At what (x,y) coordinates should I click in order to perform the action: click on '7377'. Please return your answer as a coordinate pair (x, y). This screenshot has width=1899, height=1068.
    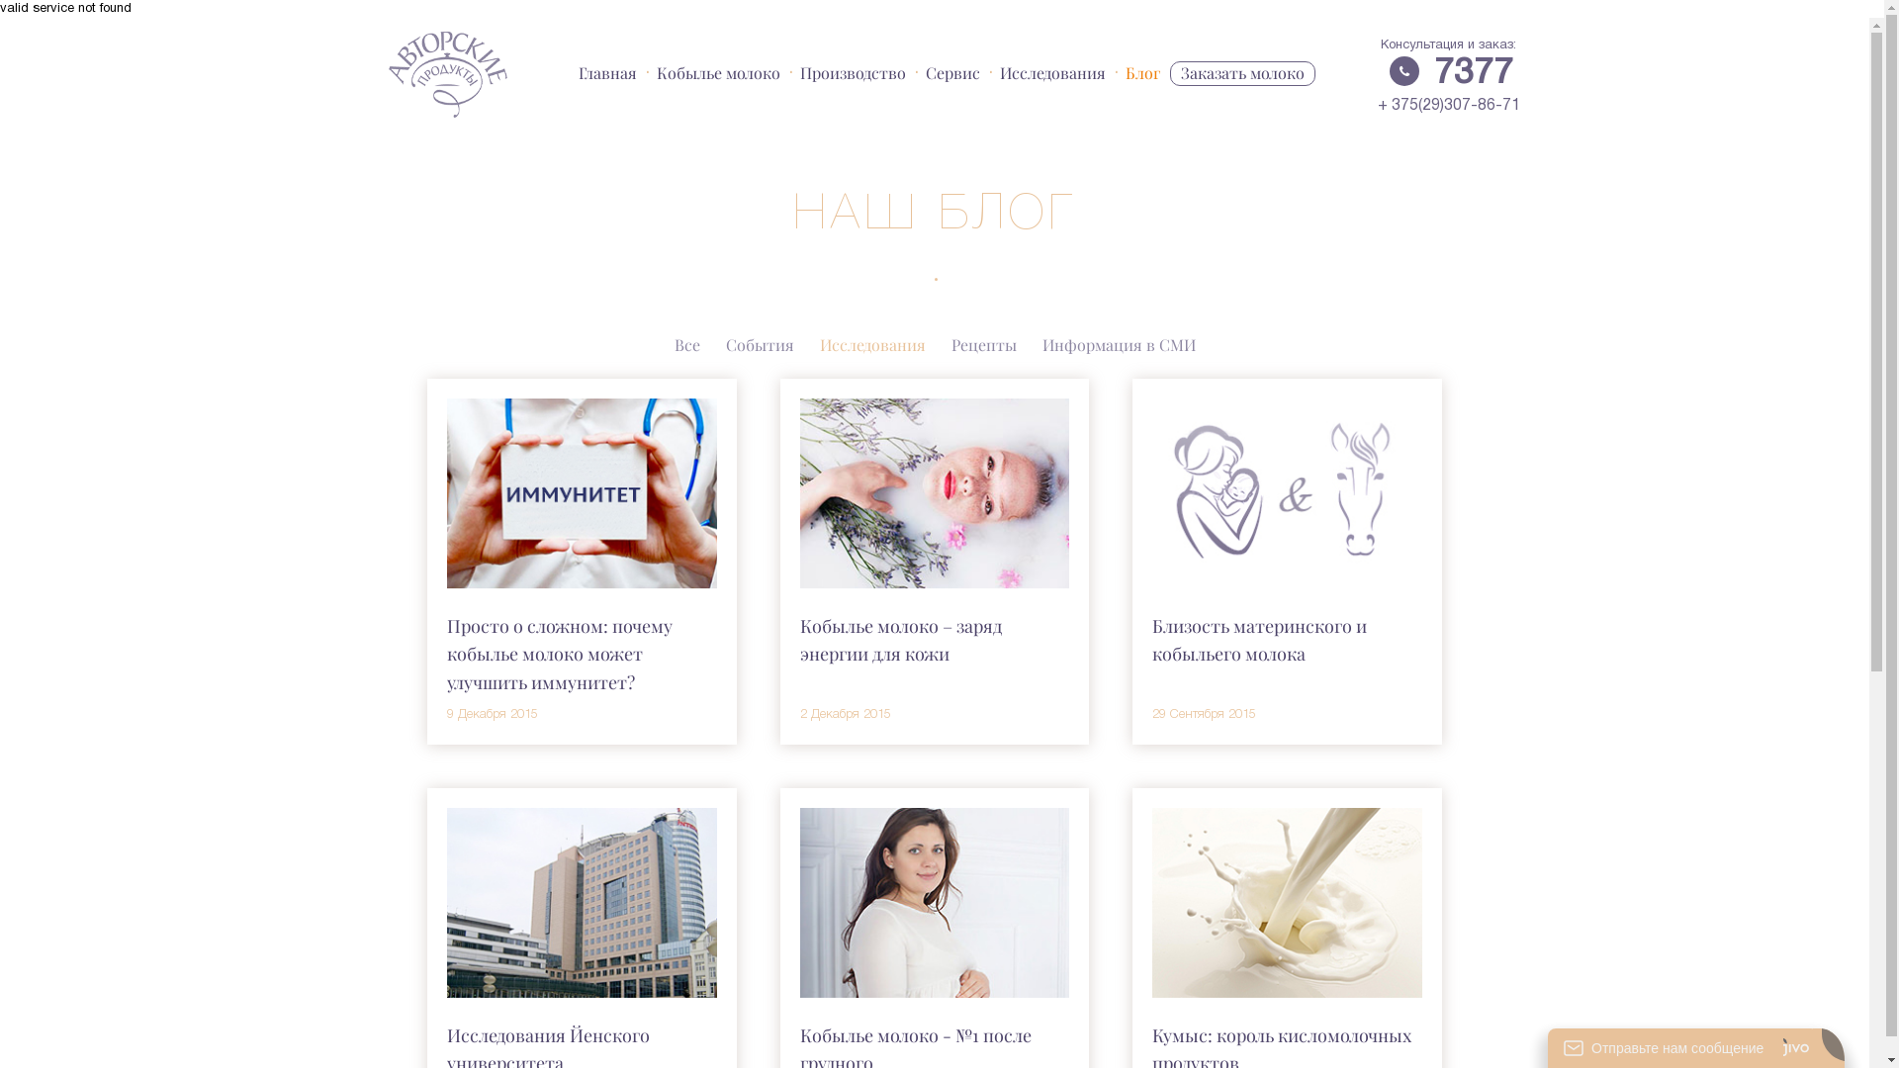
    Looking at the image, I should click on (1473, 72).